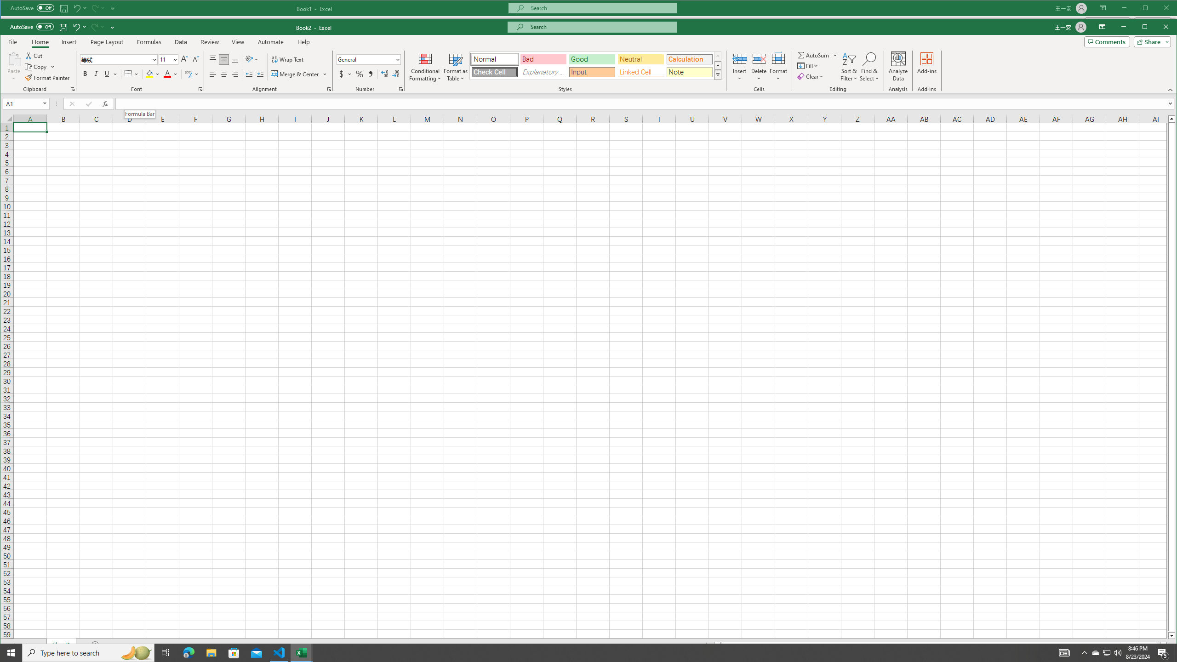 The image size is (1177, 662). What do you see at coordinates (183, 59) in the screenshot?
I see `'Increase Font Size'` at bounding box center [183, 59].